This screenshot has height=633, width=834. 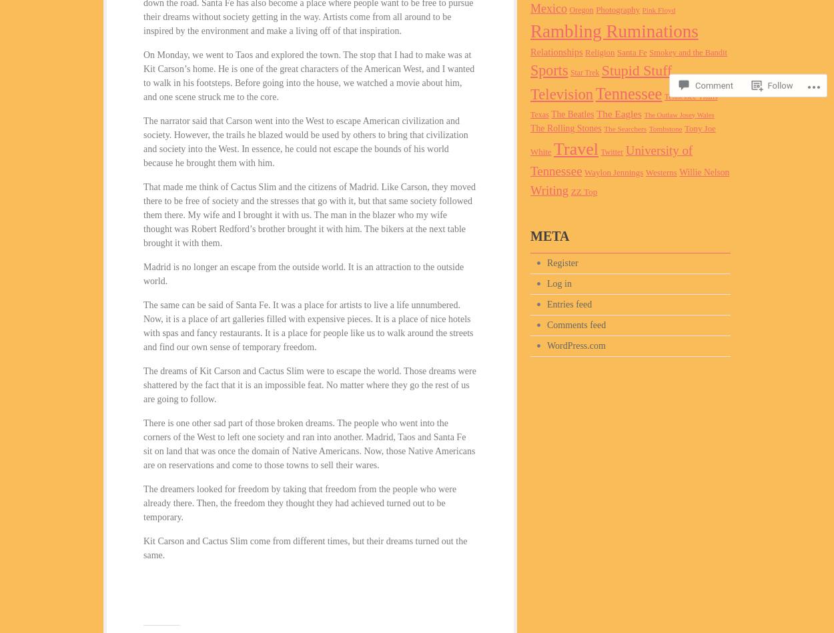 What do you see at coordinates (549, 235) in the screenshot?
I see `'Meta'` at bounding box center [549, 235].